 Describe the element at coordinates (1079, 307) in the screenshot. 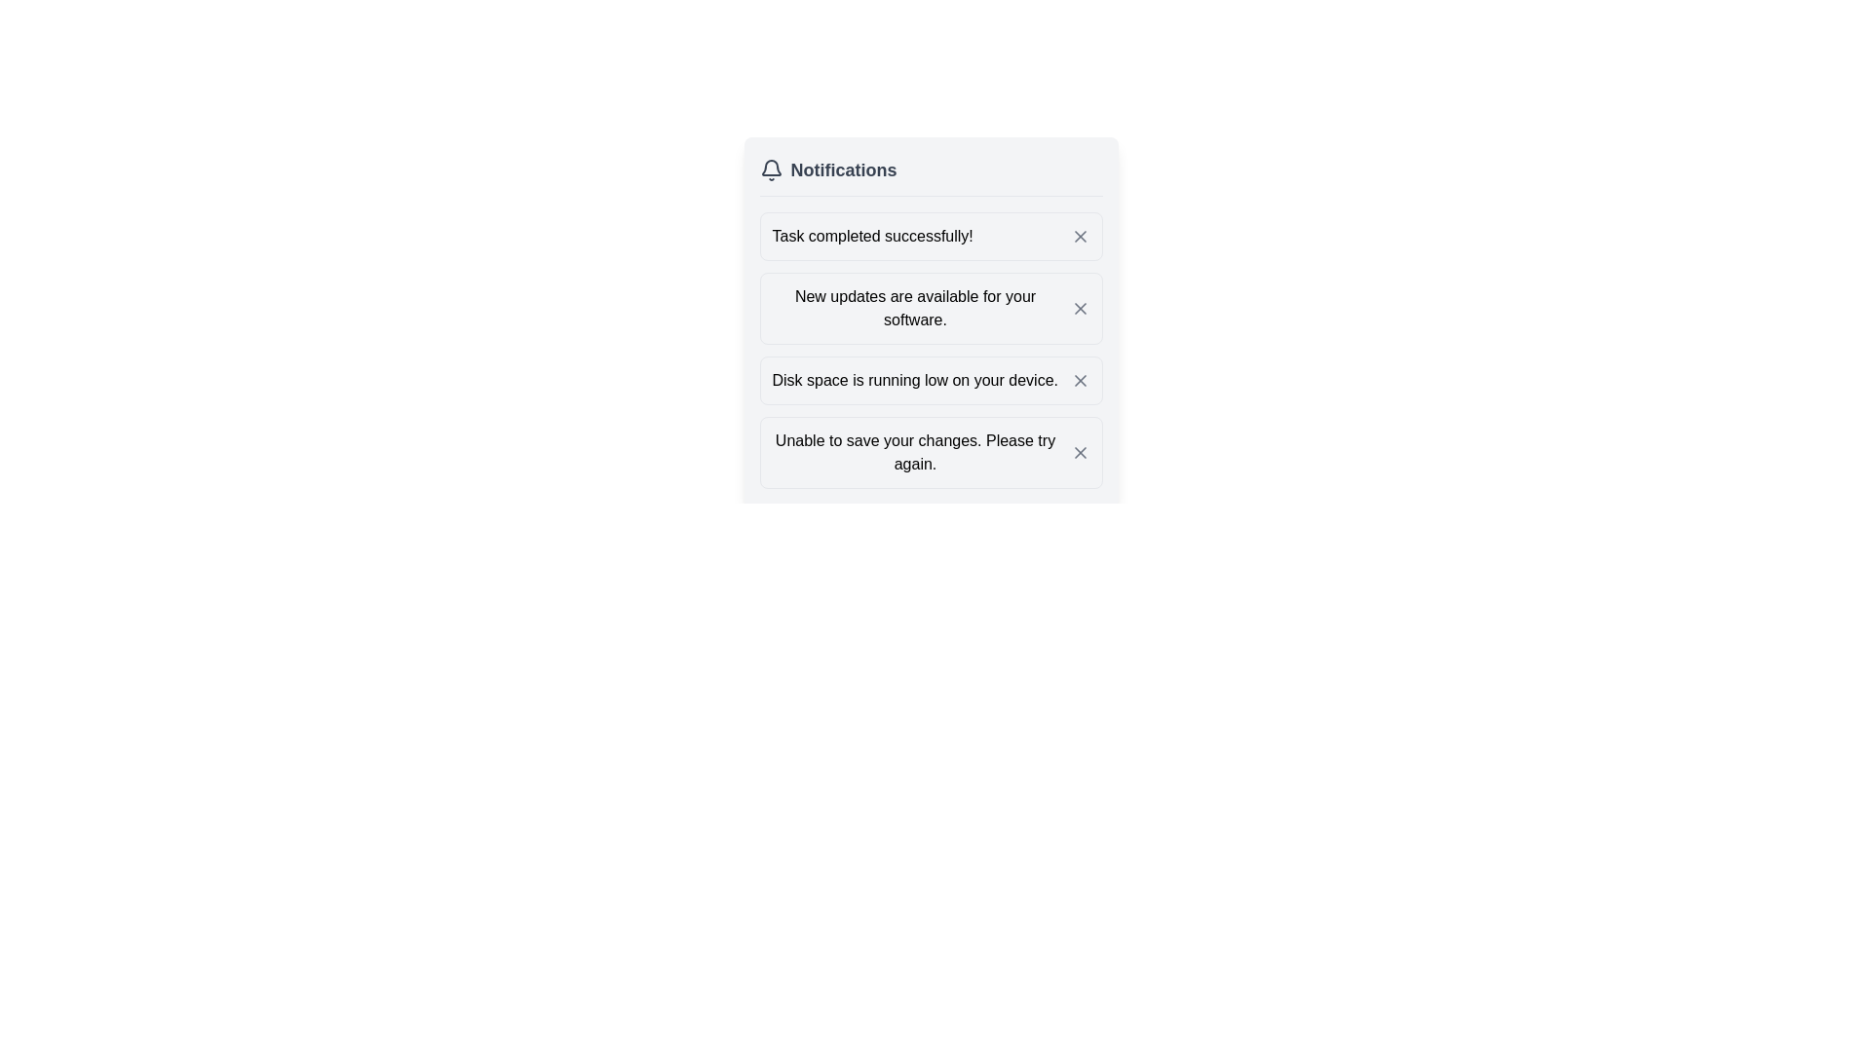

I see `the close button located at the far right of the notification entry 'New updates are available for your software'` at that location.